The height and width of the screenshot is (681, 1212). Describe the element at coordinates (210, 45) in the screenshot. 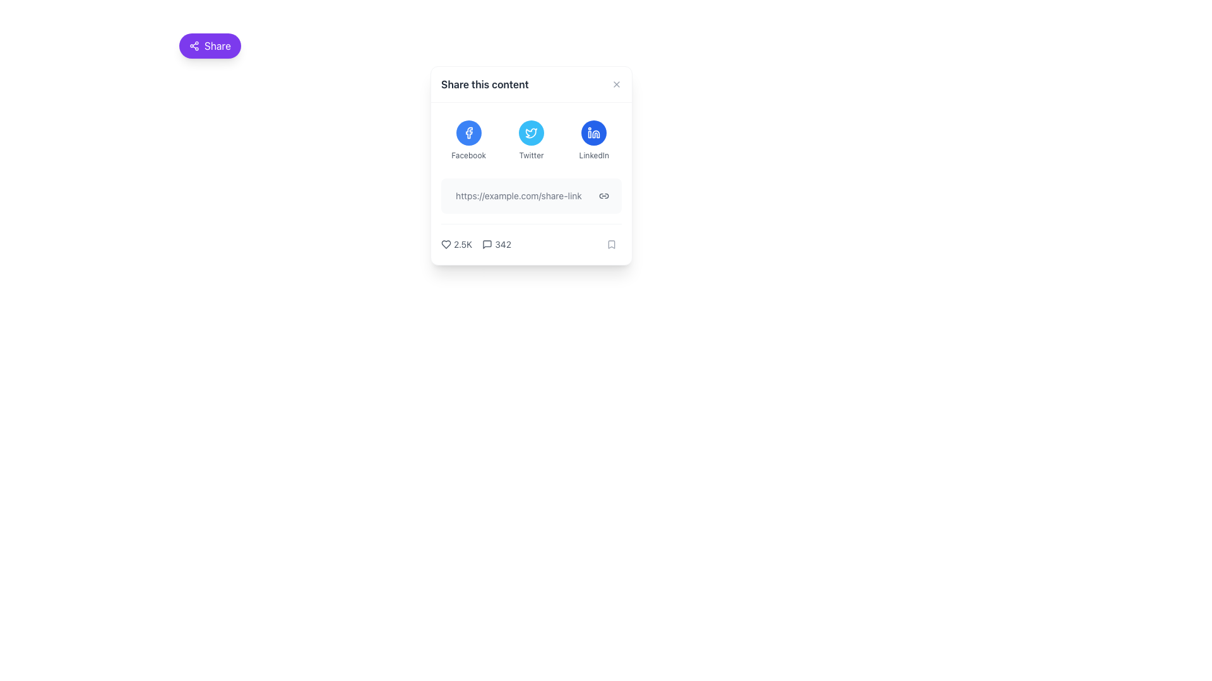

I see `the share button located at the top-left region of the interface to initiate a sharing action` at that location.